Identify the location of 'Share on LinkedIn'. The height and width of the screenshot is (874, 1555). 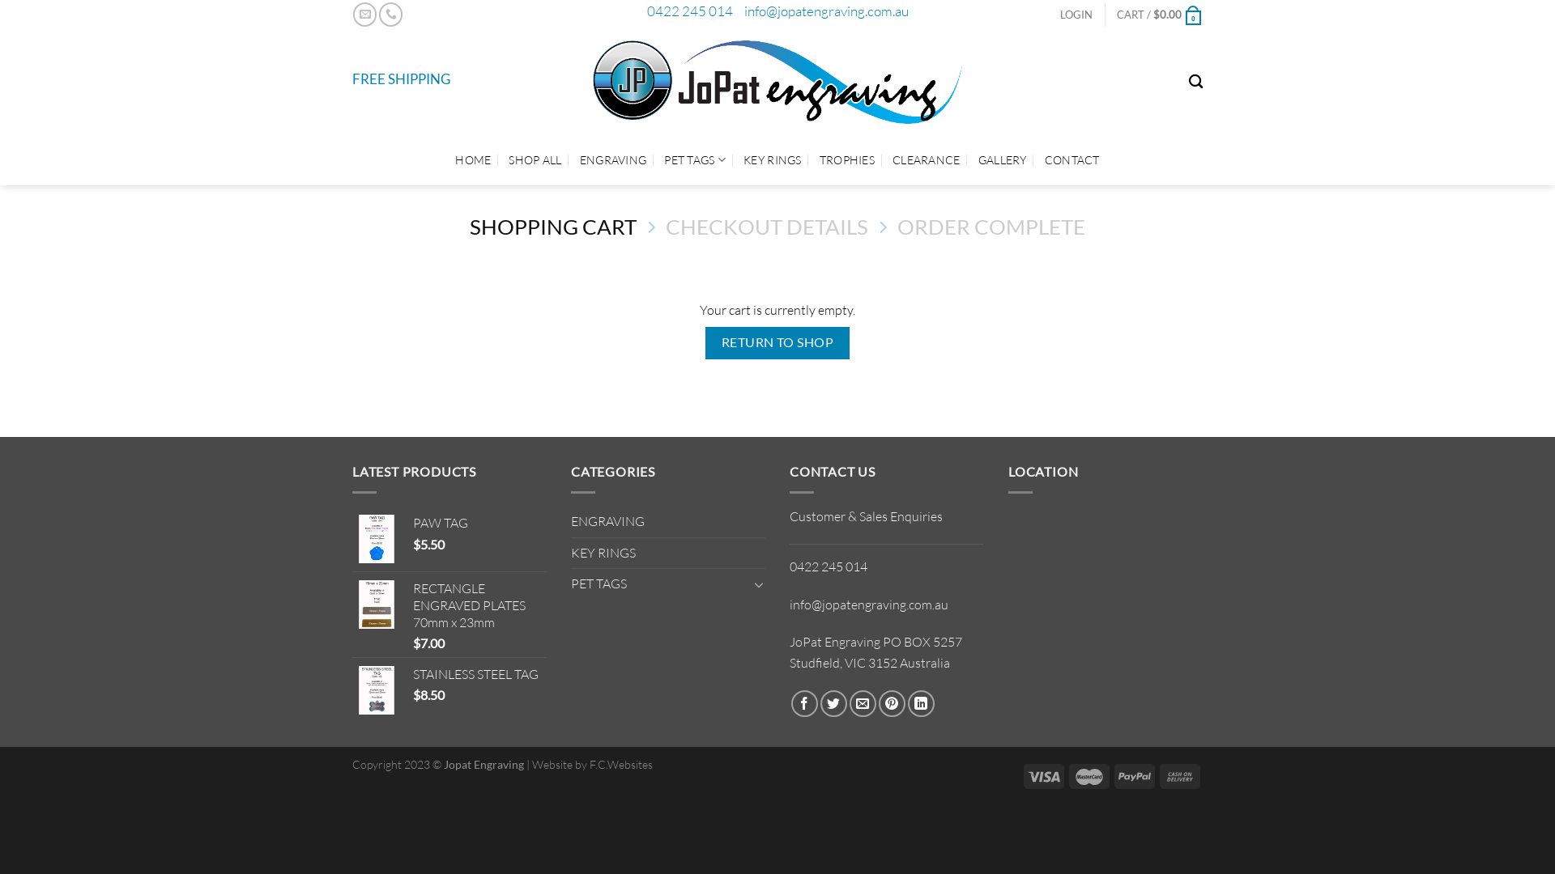
(921, 702).